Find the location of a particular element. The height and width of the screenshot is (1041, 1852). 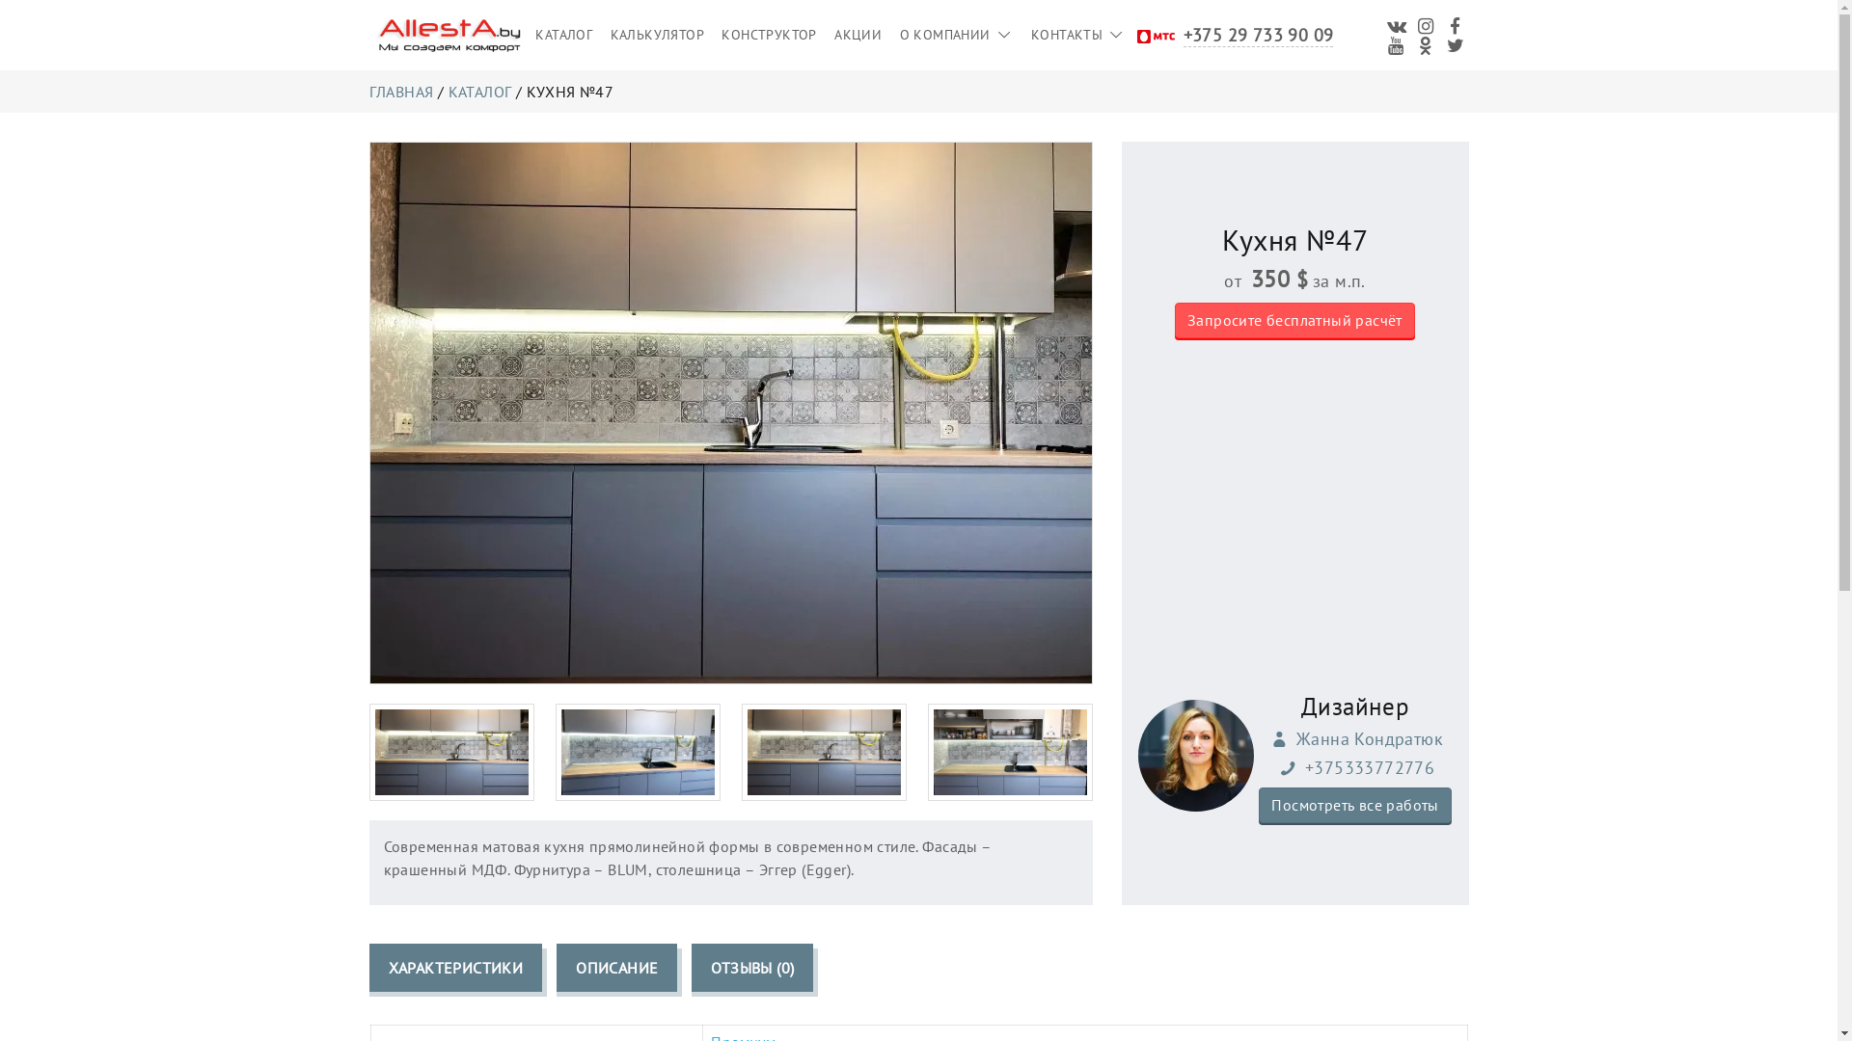

'+375 29 733 90 09' is located at coordinates (1259, 34).